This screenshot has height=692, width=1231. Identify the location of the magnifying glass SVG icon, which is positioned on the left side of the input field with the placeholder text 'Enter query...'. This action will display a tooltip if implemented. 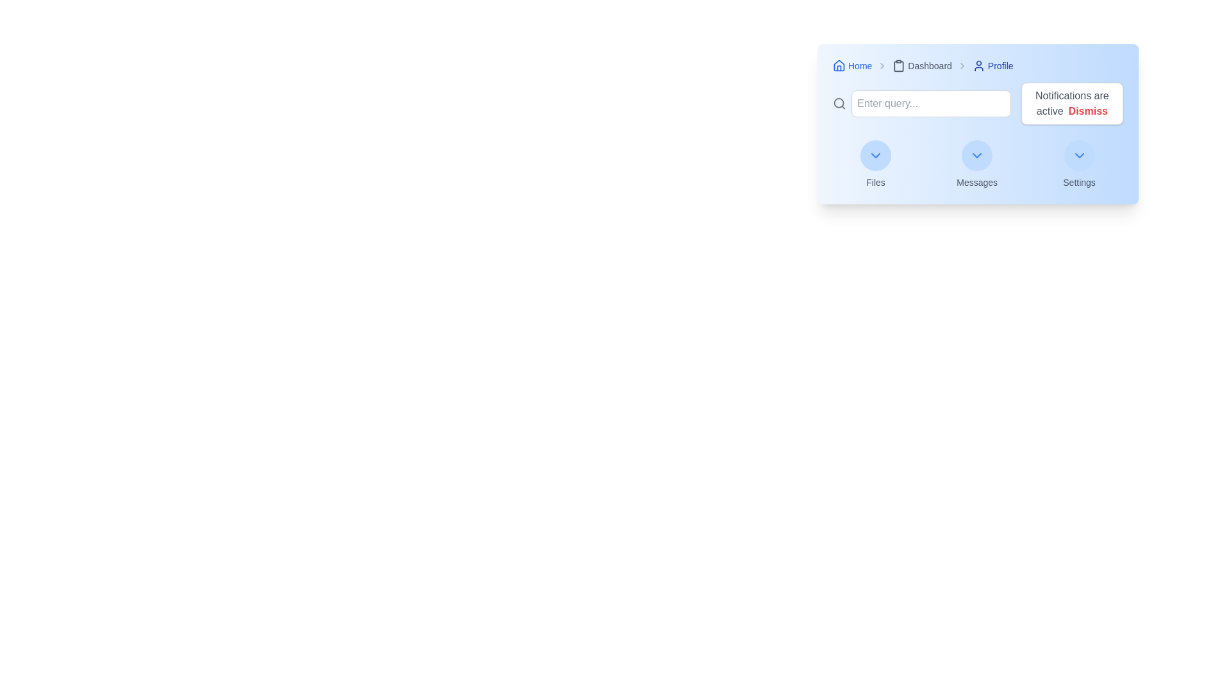
(839, 103).